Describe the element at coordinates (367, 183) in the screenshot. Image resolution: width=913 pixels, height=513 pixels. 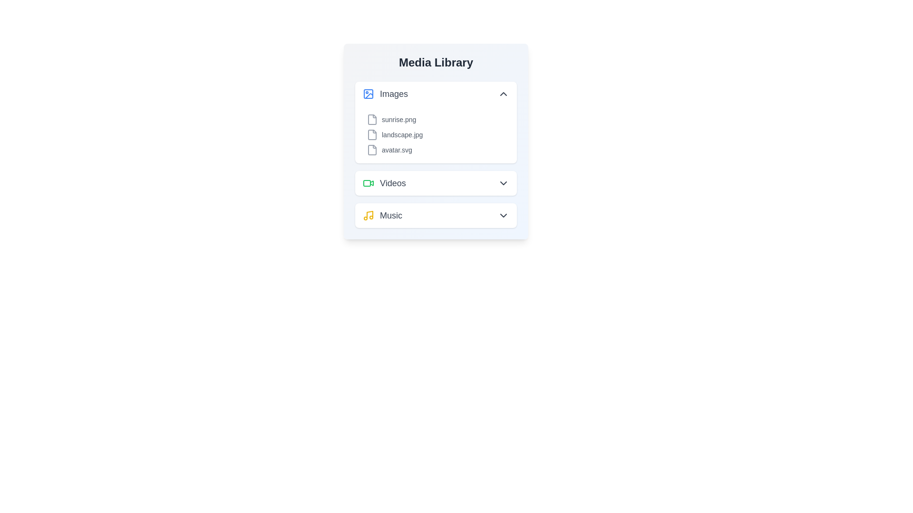
I see `the decorative green rectangular element representing a video-related icon in the media library section` at that location.